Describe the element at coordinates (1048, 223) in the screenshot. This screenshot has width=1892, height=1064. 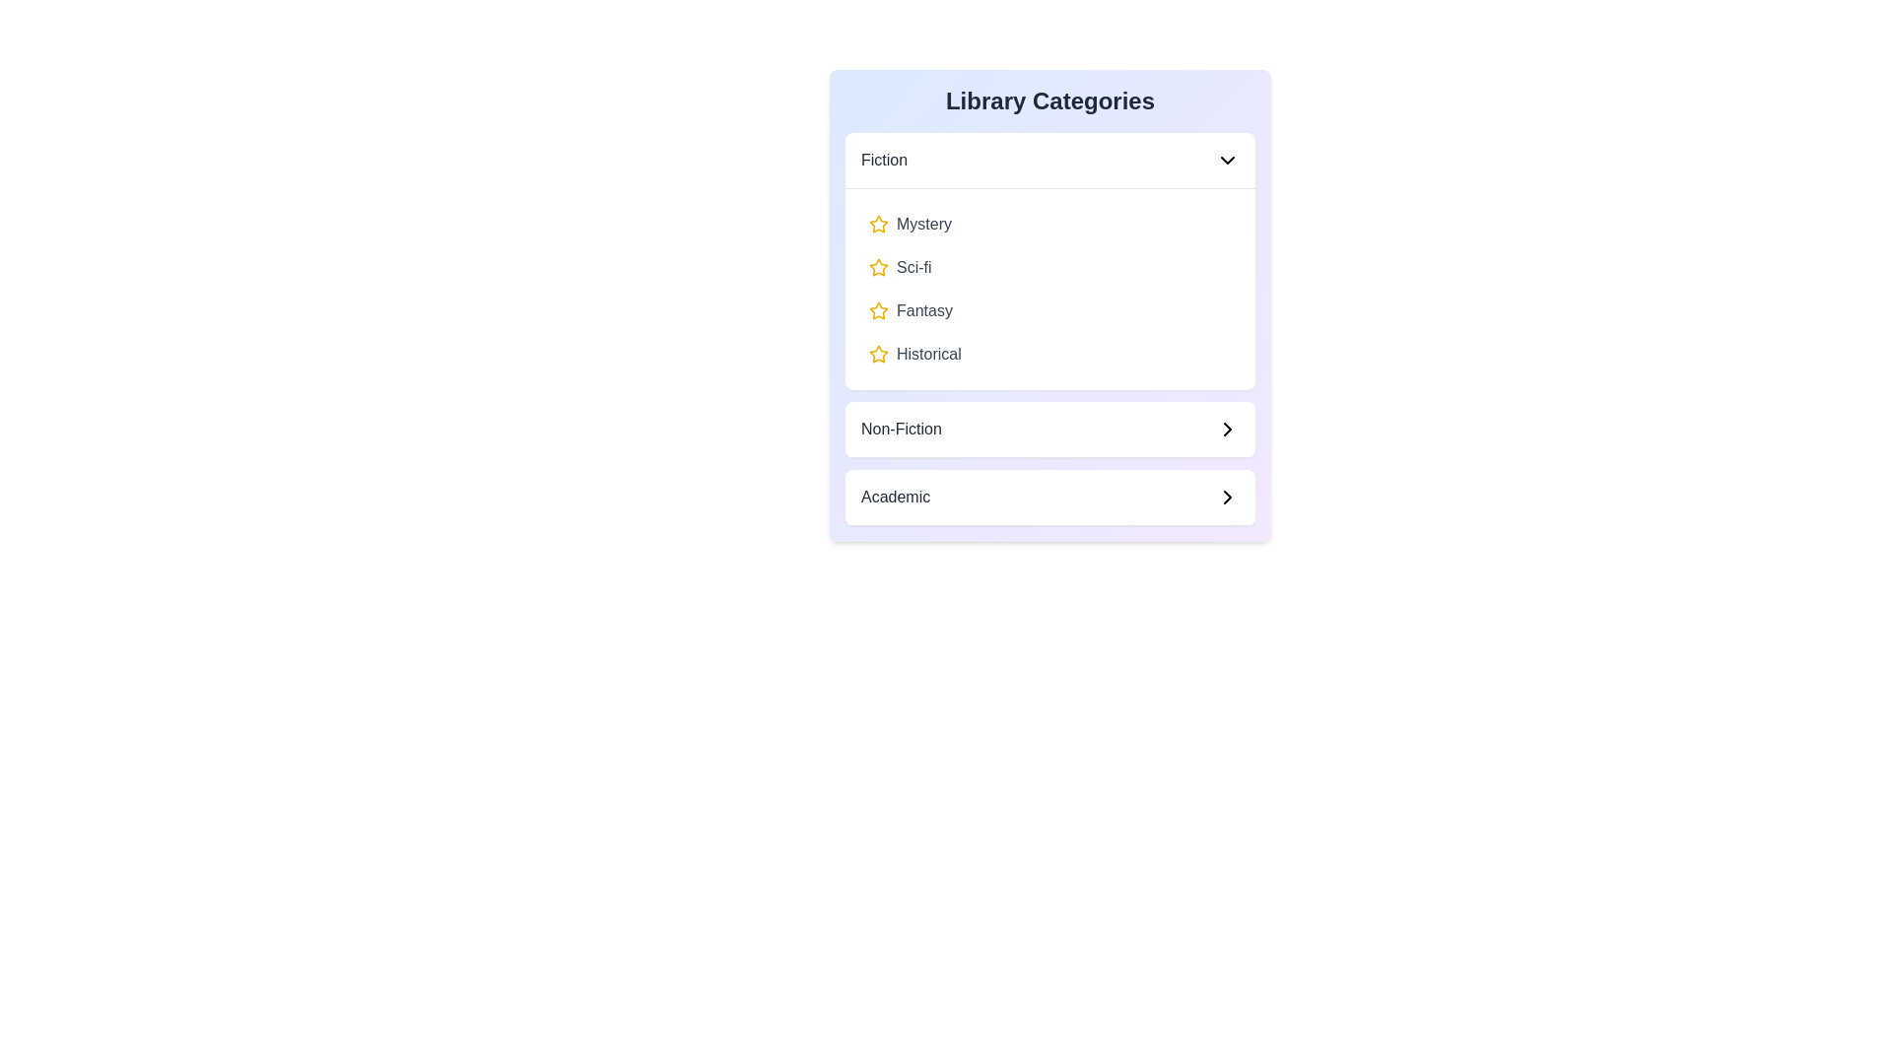
I see `the item Mystery from the expanded 'Fiction' category` at that location.